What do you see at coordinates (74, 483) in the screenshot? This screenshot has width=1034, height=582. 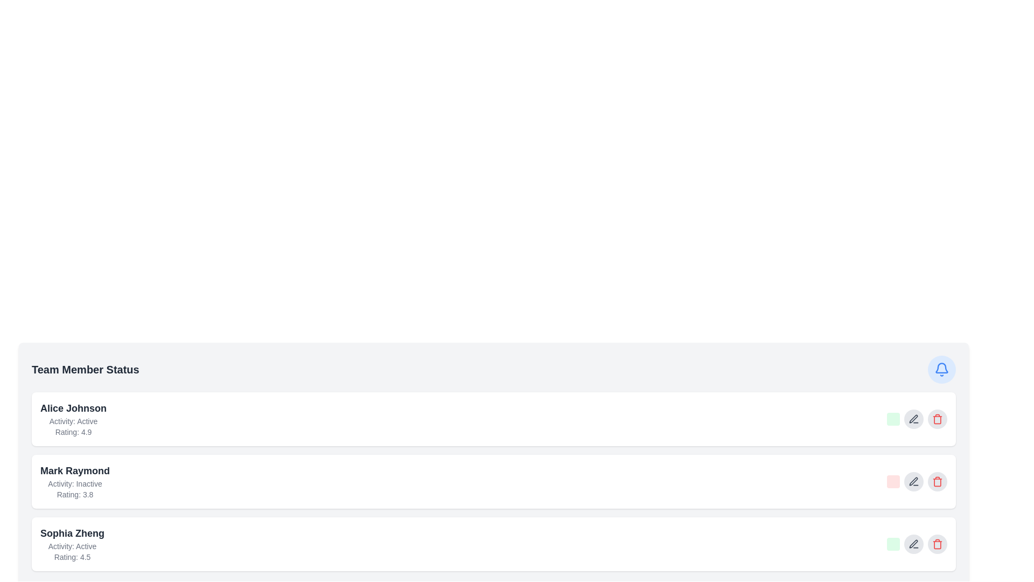 I see `the text label indicating the activity status of 'Mark Raymond', which is the second line in the card under the 'Team Member Status' section` at bounding box center [74, 483].